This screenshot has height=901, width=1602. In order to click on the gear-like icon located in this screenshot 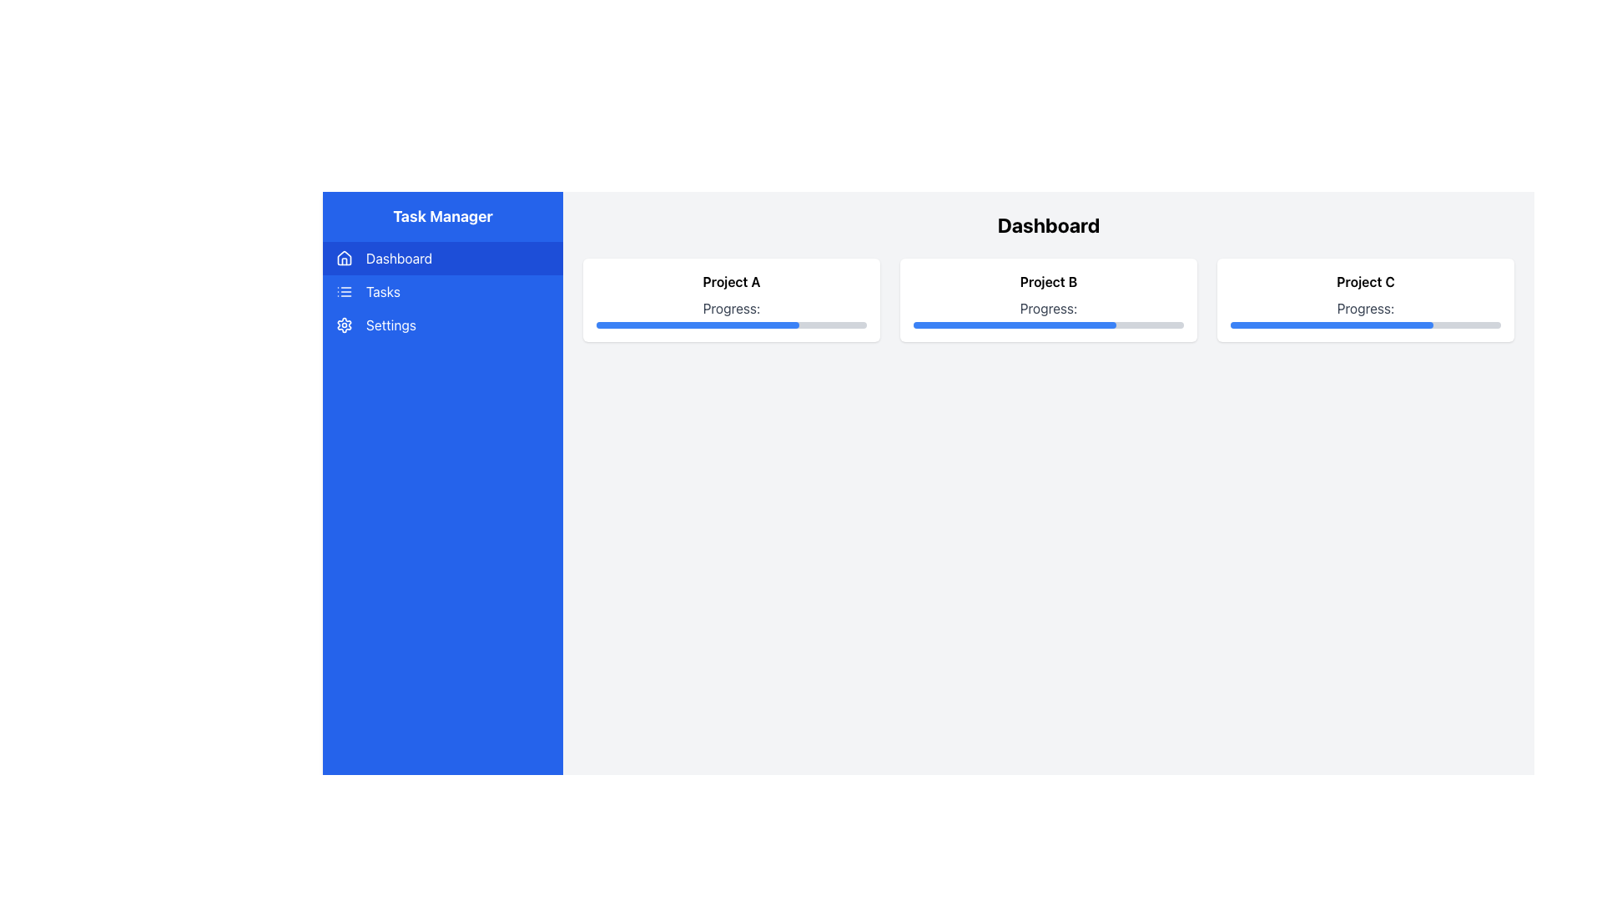, I will do `click(343, 325)`.